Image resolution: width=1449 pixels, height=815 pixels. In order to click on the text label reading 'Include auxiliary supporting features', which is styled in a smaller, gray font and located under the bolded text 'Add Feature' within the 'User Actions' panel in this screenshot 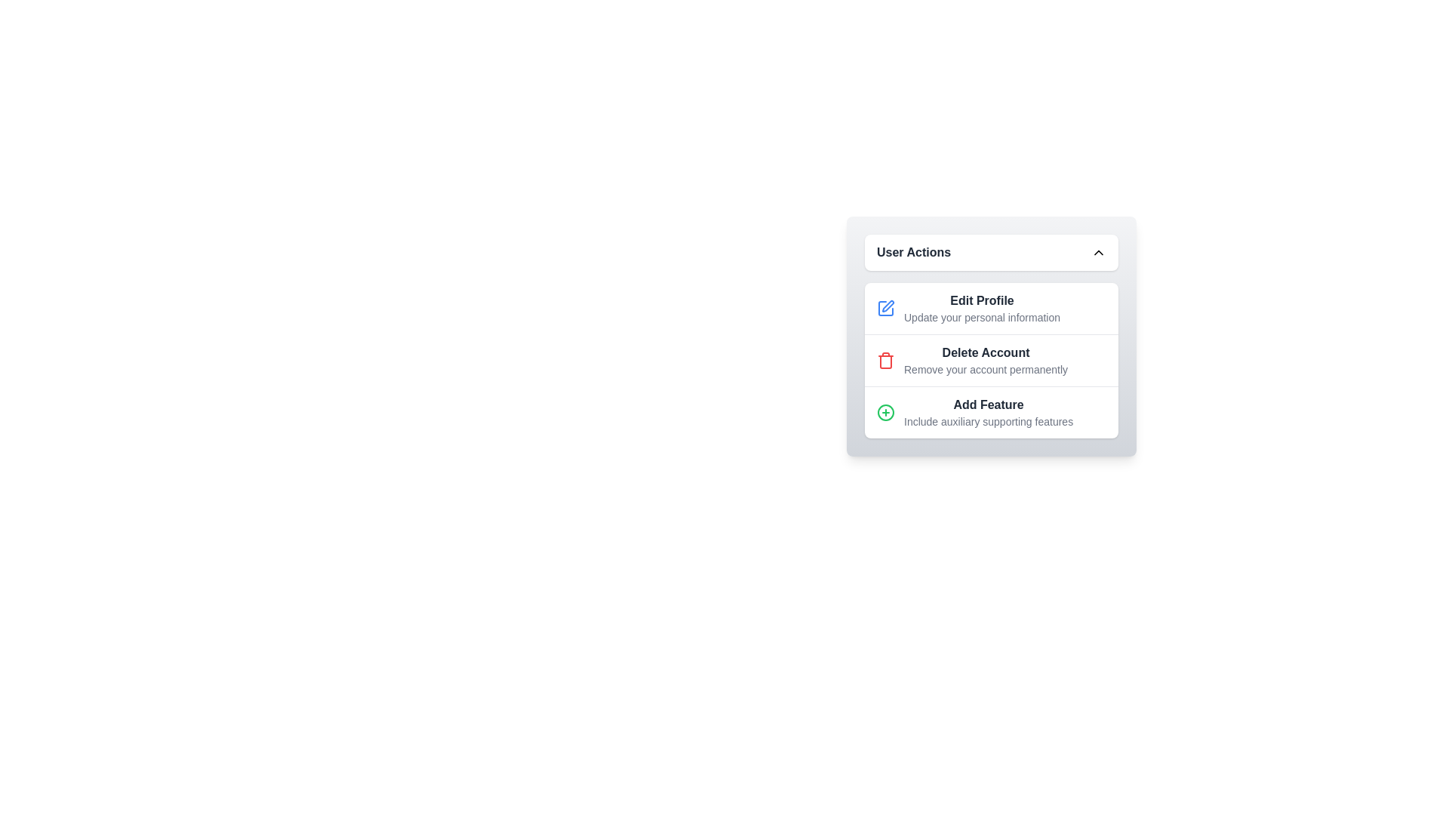, I will do `click(989, 422)`.